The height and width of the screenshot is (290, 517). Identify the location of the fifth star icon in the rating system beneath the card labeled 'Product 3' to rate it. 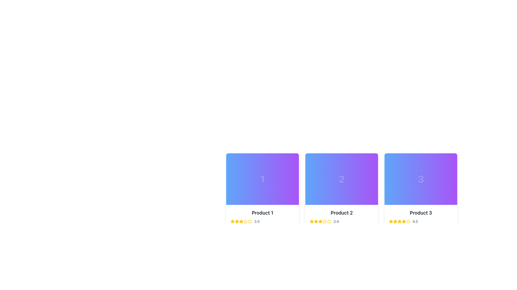
(408, 221).